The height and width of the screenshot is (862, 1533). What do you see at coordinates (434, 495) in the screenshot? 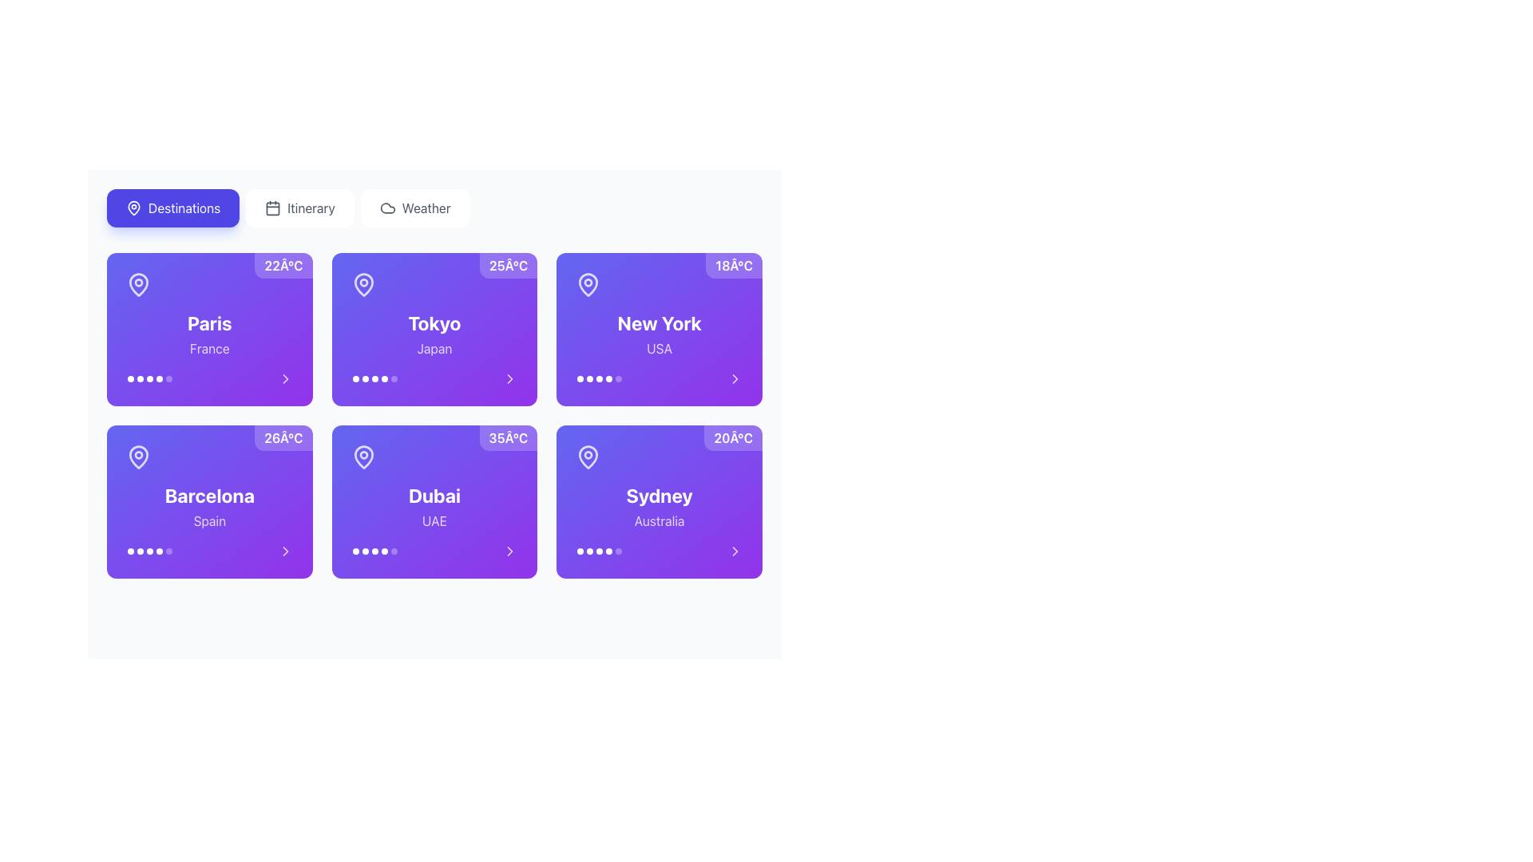
I see `the card containing the title text 'Dubai', which is located in the third card of the second row of a grid layout with a purple gradient background` at bounding box center [434, 495].